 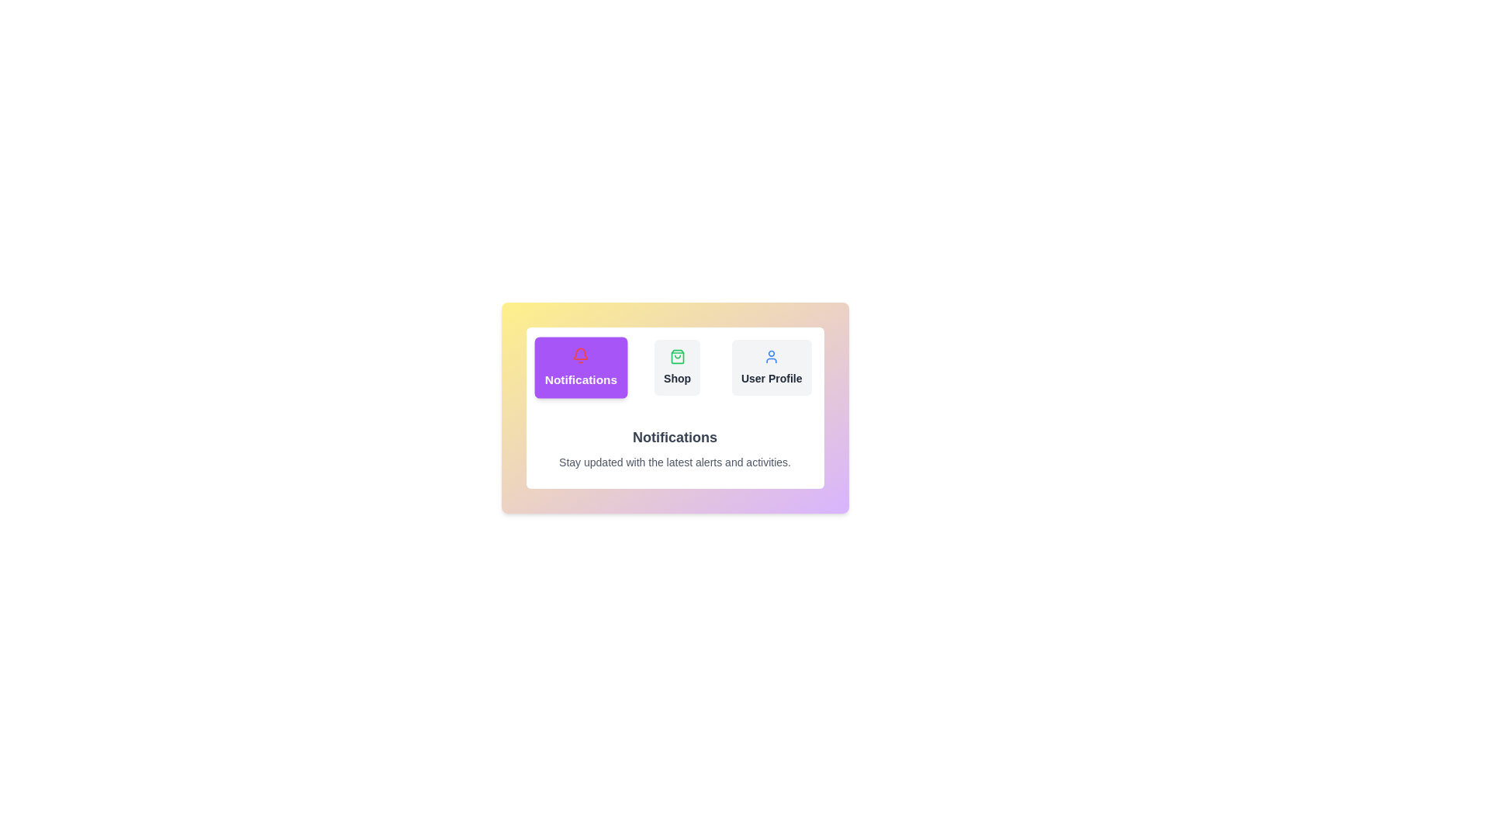 What do you see at coordinates (579, 368) in the screenshot?
I see `the tab labeled Notifications` at bounding box center [579, 368].